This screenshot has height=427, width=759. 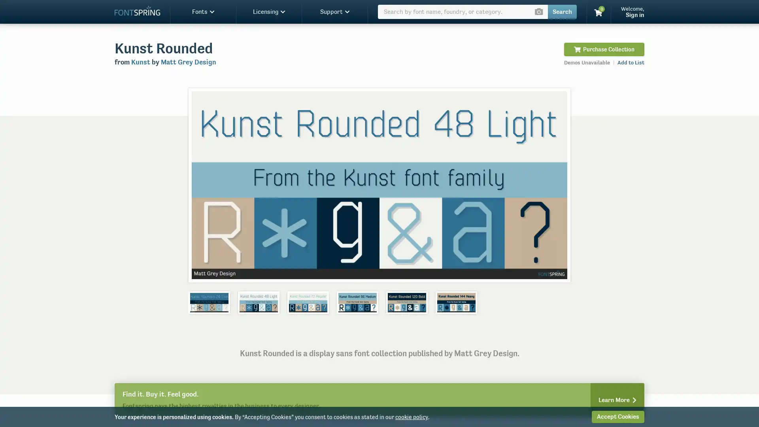 What do you see at coordinates (617, 416) in the screenshot?
I see `Accept Cookies` at bounding box center [617, 416].